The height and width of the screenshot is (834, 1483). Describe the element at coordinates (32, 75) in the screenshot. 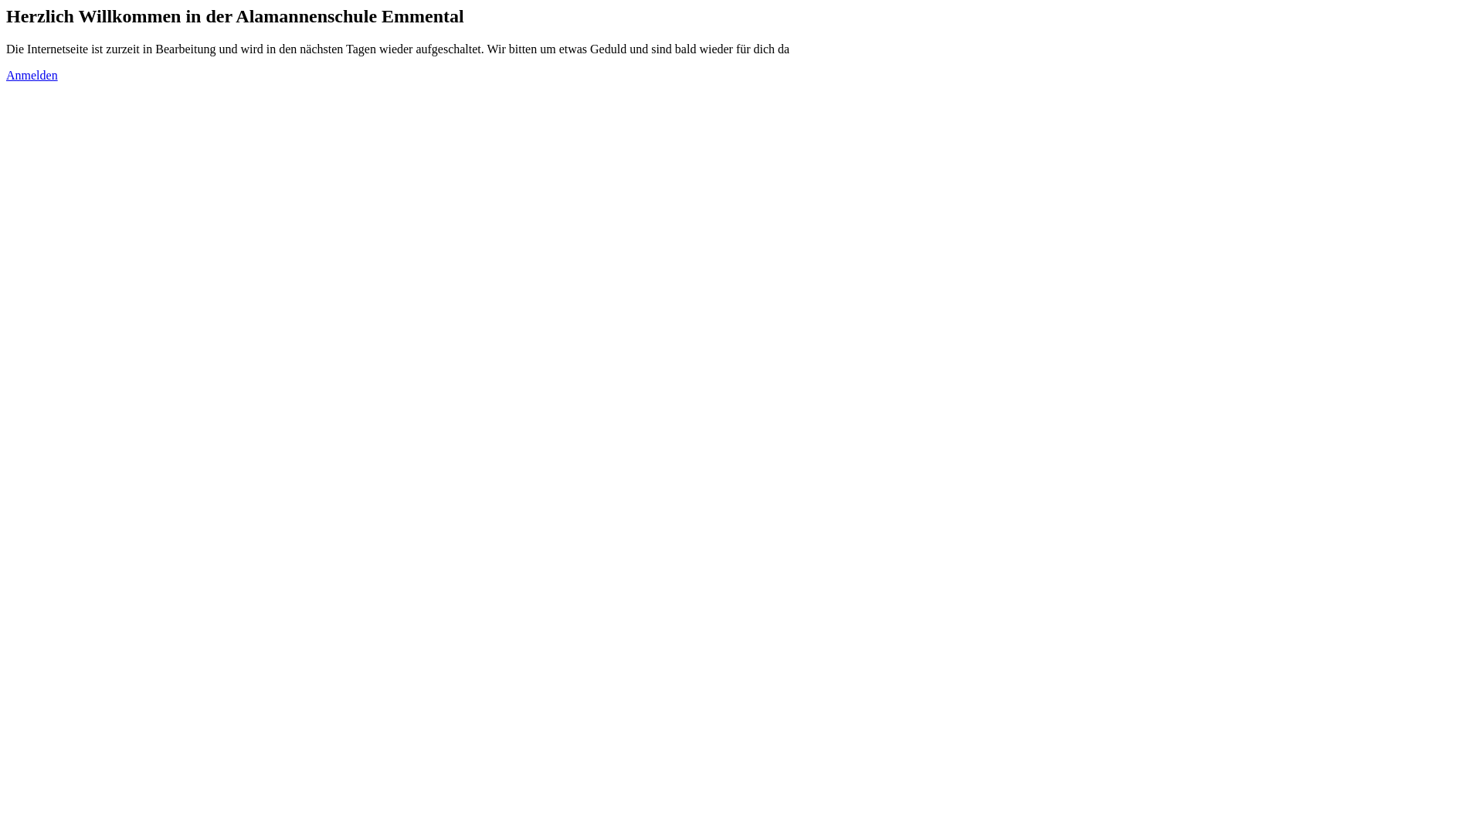

I see `'Anmelden'` at that location.